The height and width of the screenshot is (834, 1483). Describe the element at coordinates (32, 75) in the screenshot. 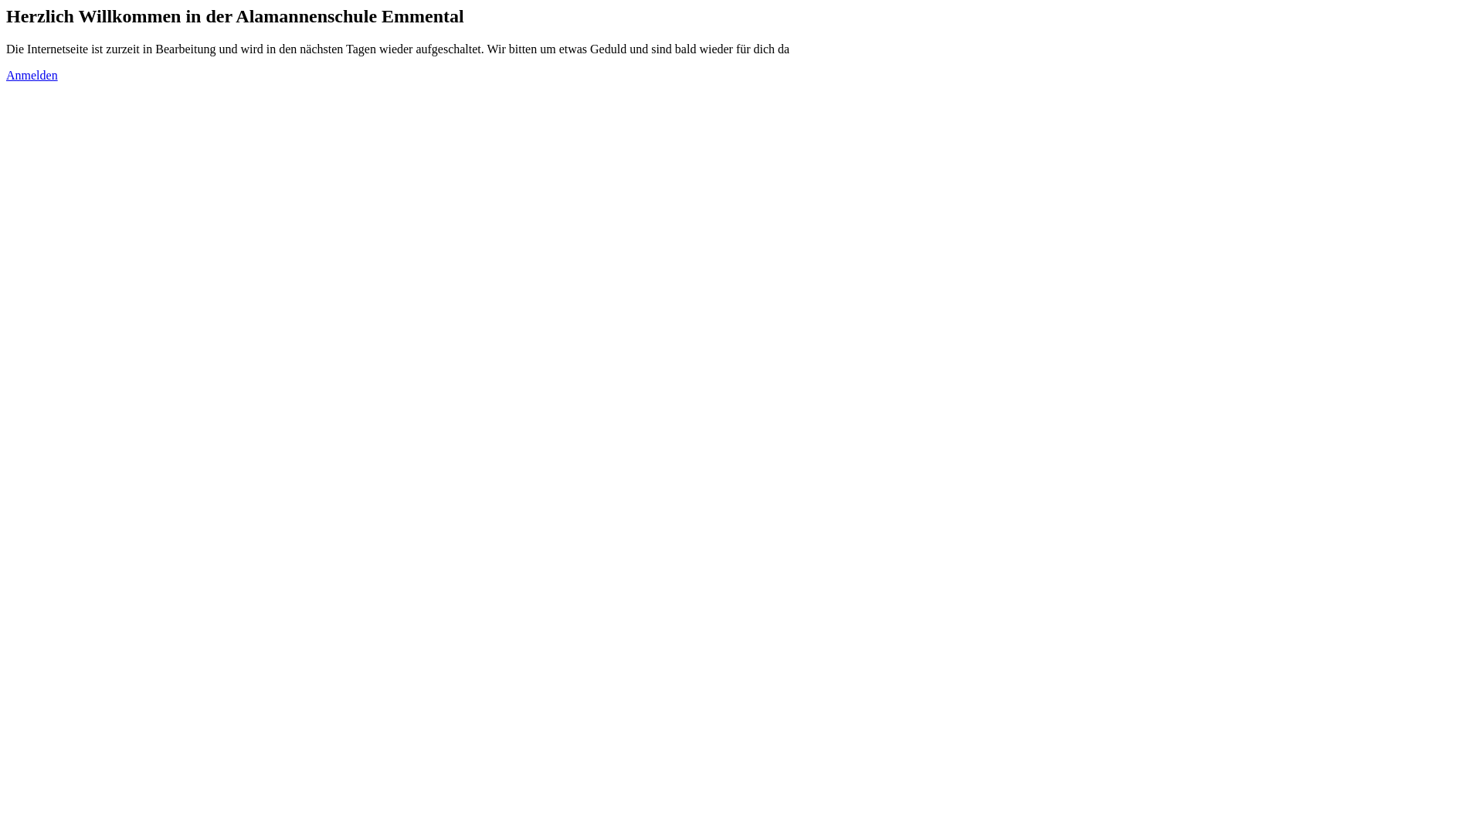

I see `'Anmelden'` at that location.